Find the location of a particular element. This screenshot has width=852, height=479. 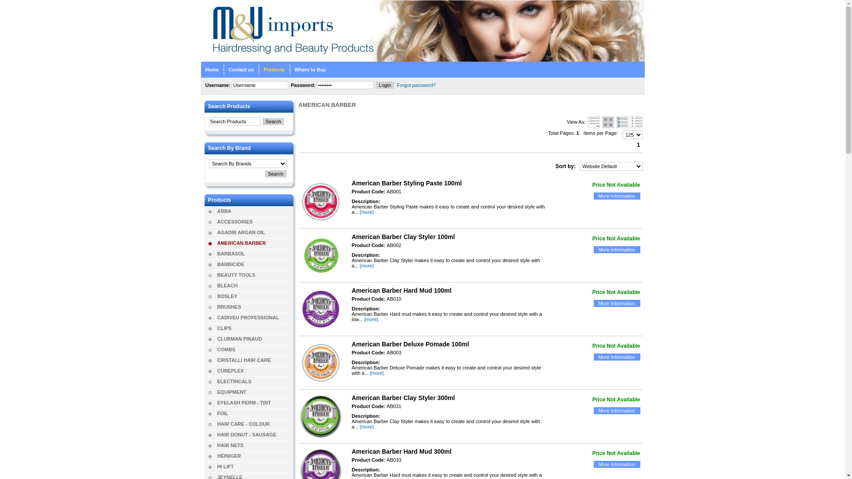

'AGADIR ARGAN OIL' is located at coordinates (254, 232).